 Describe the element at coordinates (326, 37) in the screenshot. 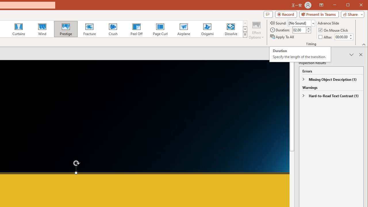

I see `'After'` at that location.